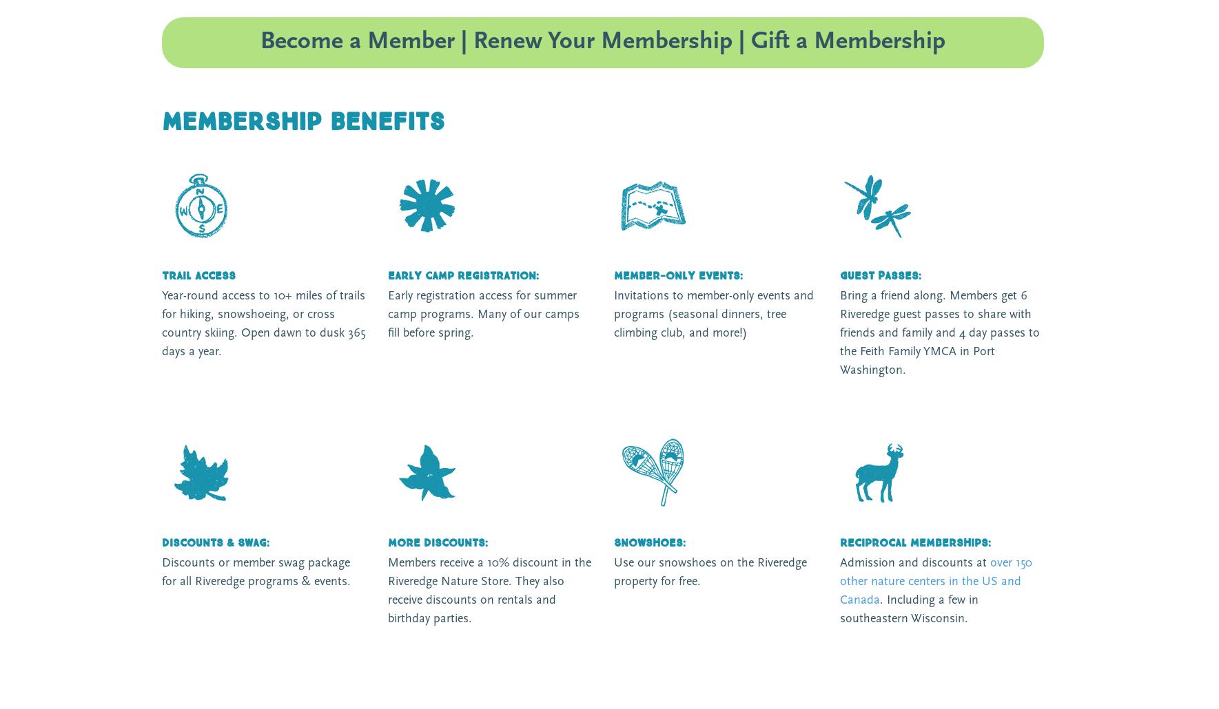 This screenshot has width=1219, height=709. What do you see at coordinates (263, 324) in the screenshot?
I see `'Year-round access to 10+ miles of trails for hiking, snowshoeing, or cross country skiing. Open dawn to dusk 365 days a year.'` at bounding box center [263, 324].